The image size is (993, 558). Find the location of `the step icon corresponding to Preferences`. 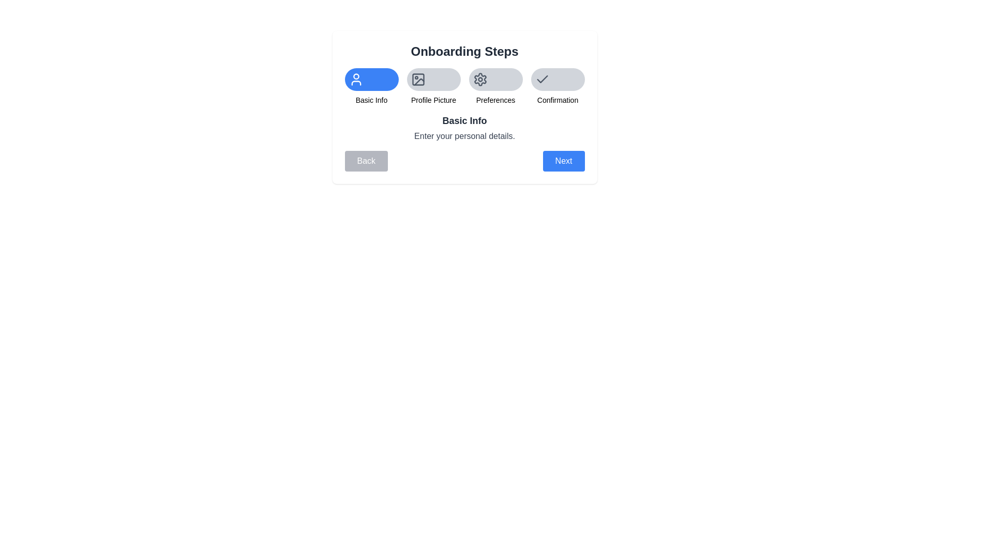

the step icon corresponding to Preferences is located at coordinates (495, 79).